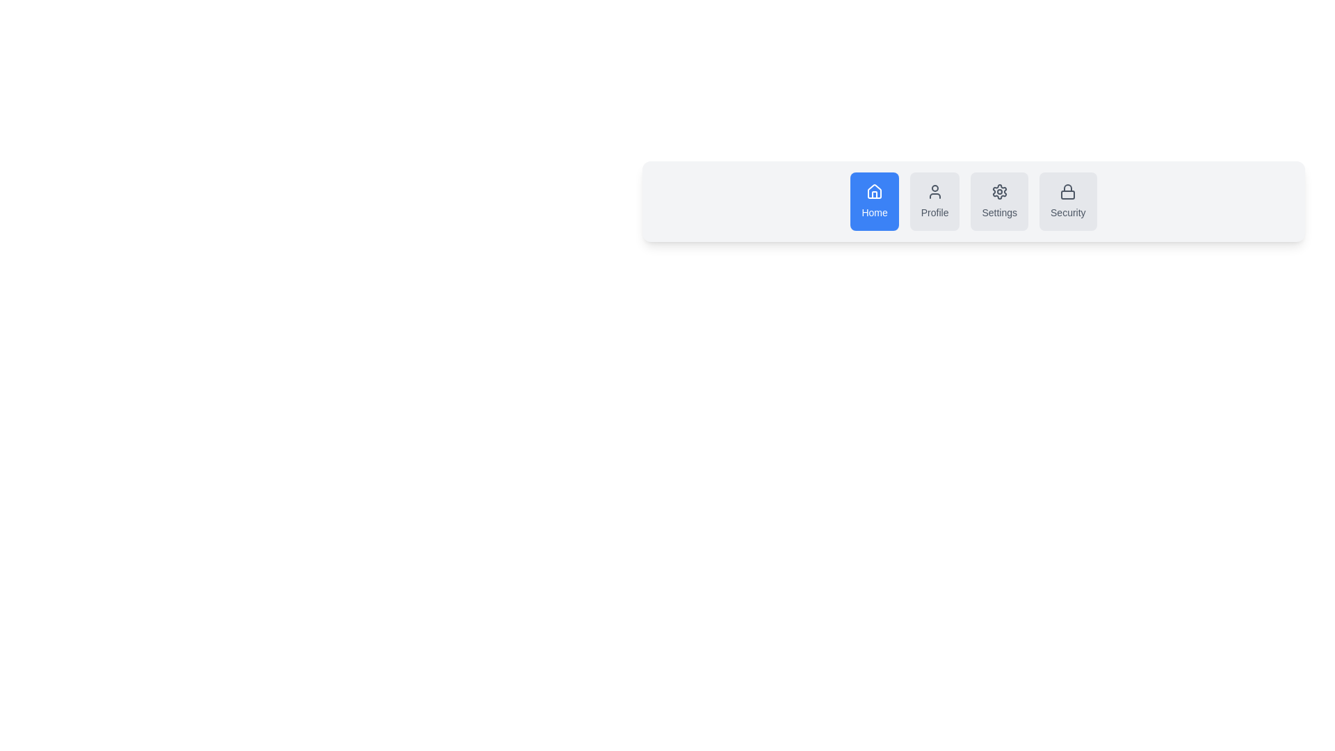 The height and width of the screenshot is (751, 1335). Describe the element at coordinates (873, 201) in the screenshot. I see `the Home button` at that location.